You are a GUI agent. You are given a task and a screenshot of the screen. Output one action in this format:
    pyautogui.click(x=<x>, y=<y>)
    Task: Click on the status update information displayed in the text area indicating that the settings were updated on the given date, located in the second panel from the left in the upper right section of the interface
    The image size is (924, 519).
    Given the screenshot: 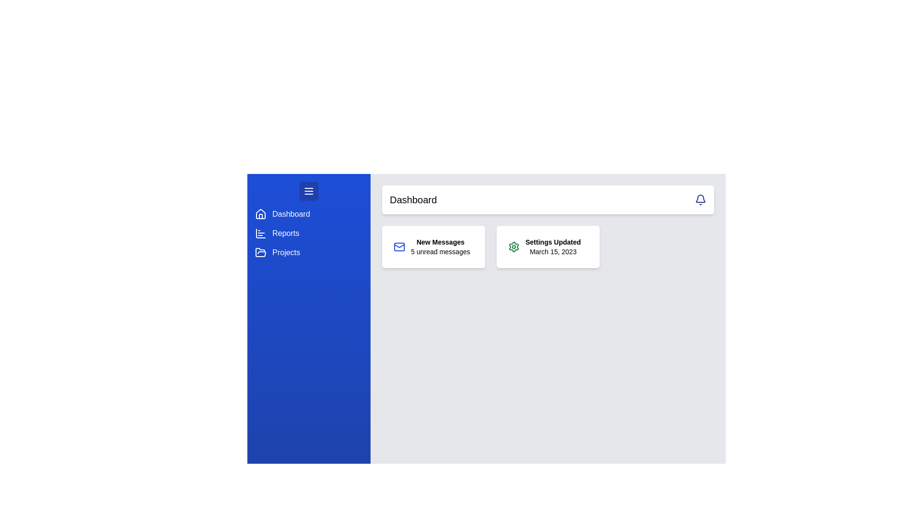 What is the action you would take?
    pyautogui.click(x=553, y=246)
    